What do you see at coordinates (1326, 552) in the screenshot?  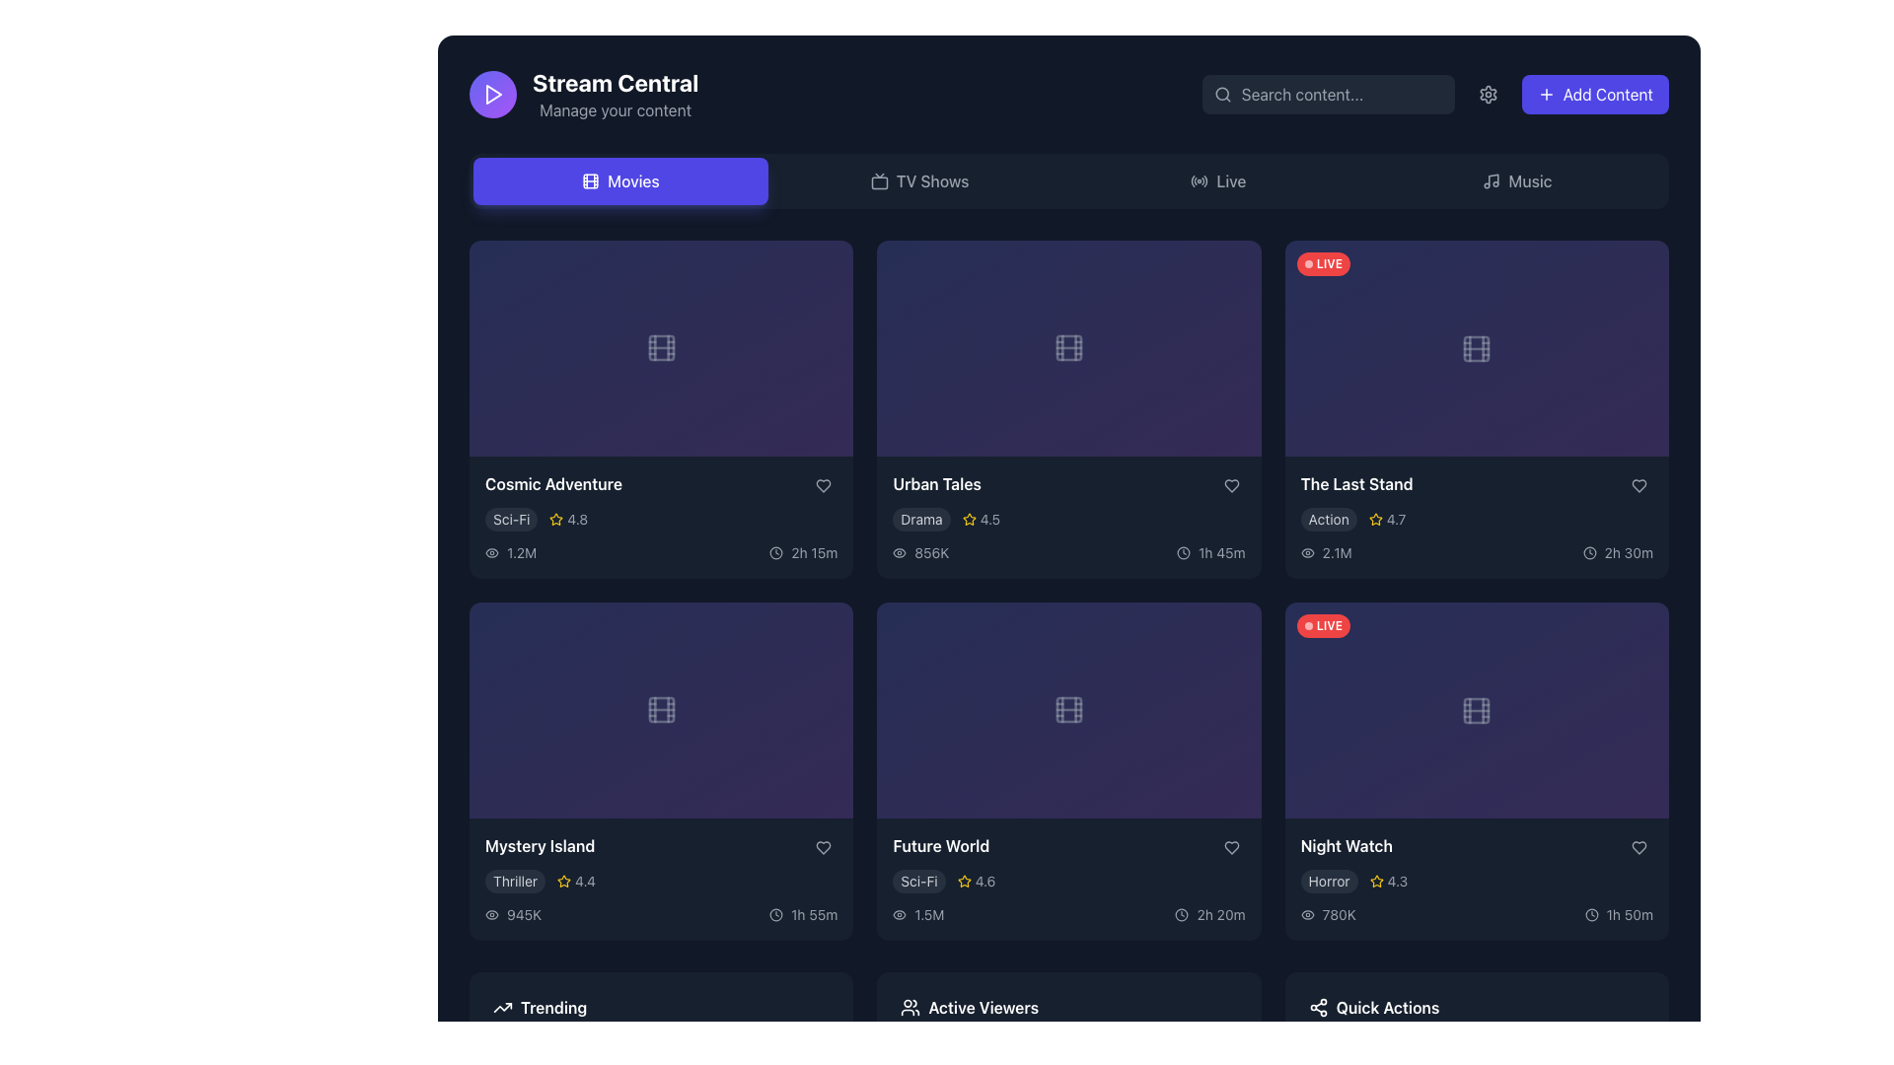 I see `the informational text label with an eye icon and the text '2.1M', located in the rightmost column of the second row under 'The Last Stand'` at bounding box center [1326, 552].